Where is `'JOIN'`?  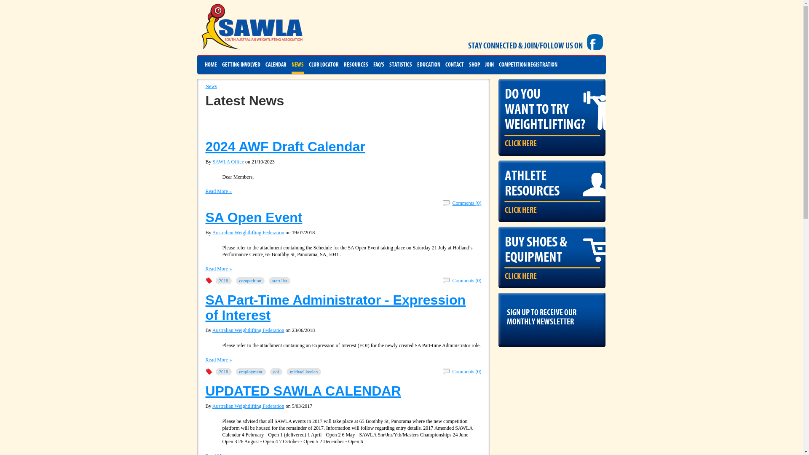
'JOIN' is located at coordinates (489, 64).